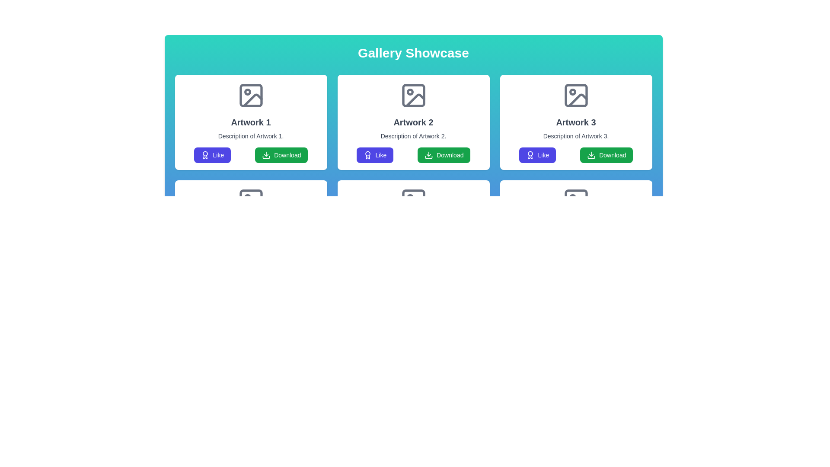 Image resolution: width=830 pixels, height=467 pixels. Describe the element at coordinates (576, 122) in the screenshot. I see `the static text label that serves as the title or main identifier for the associated artwork, which is located as the second text element in the third card of a grid layout` at that location.